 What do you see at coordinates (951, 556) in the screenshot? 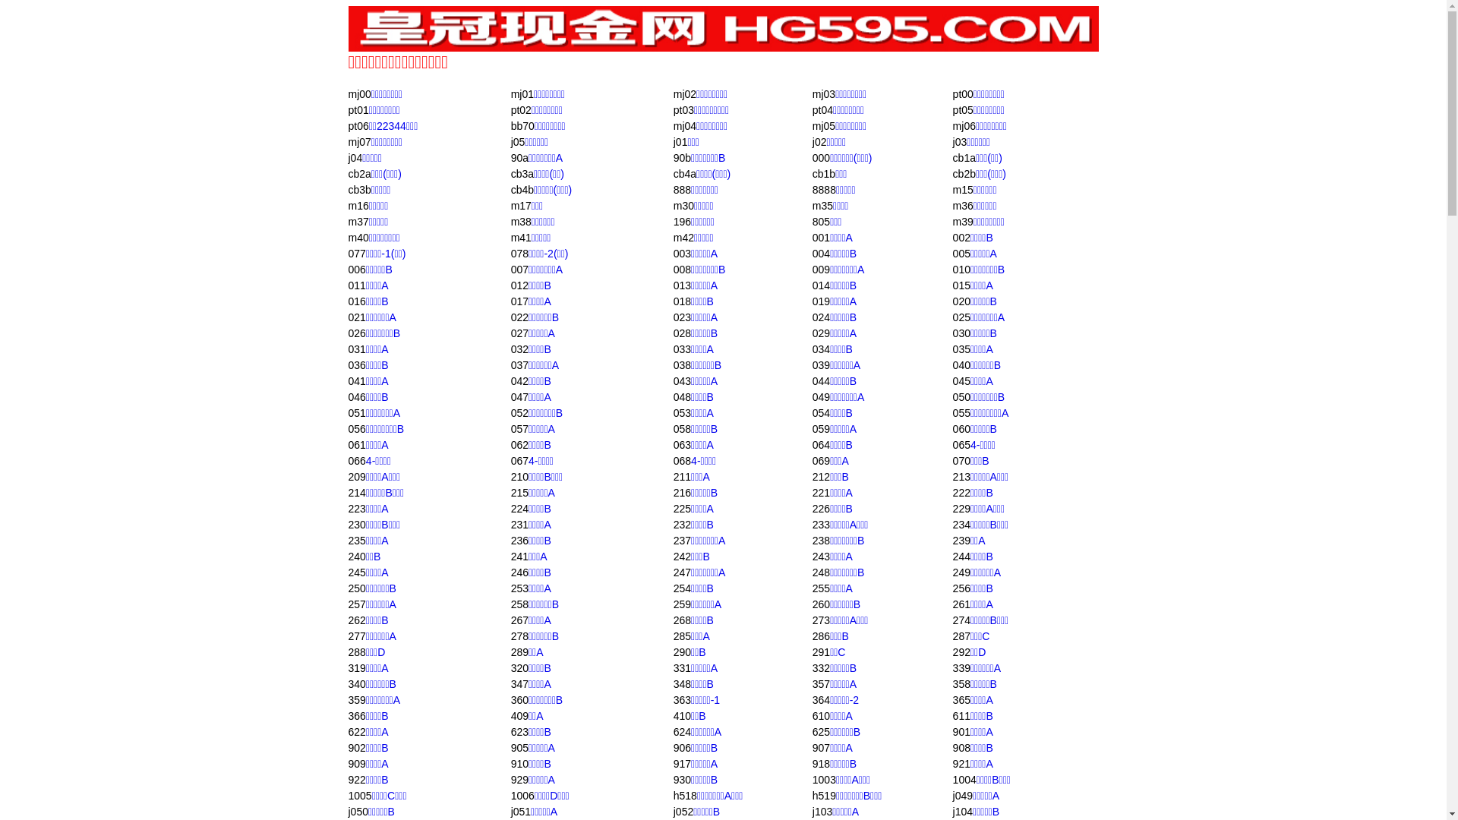
I see `'244'` at bounding box center [951, 556].